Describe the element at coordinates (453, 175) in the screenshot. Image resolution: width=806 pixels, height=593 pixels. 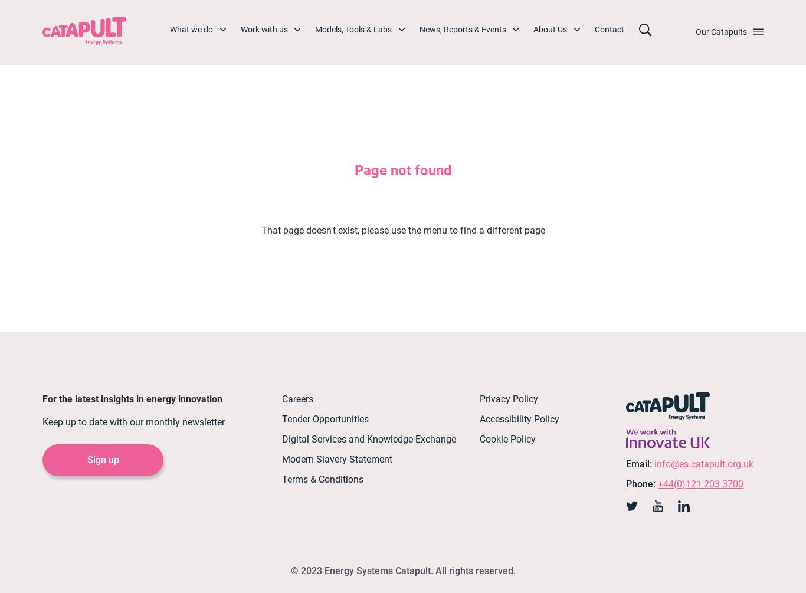
I see `'Insights'` at that location.